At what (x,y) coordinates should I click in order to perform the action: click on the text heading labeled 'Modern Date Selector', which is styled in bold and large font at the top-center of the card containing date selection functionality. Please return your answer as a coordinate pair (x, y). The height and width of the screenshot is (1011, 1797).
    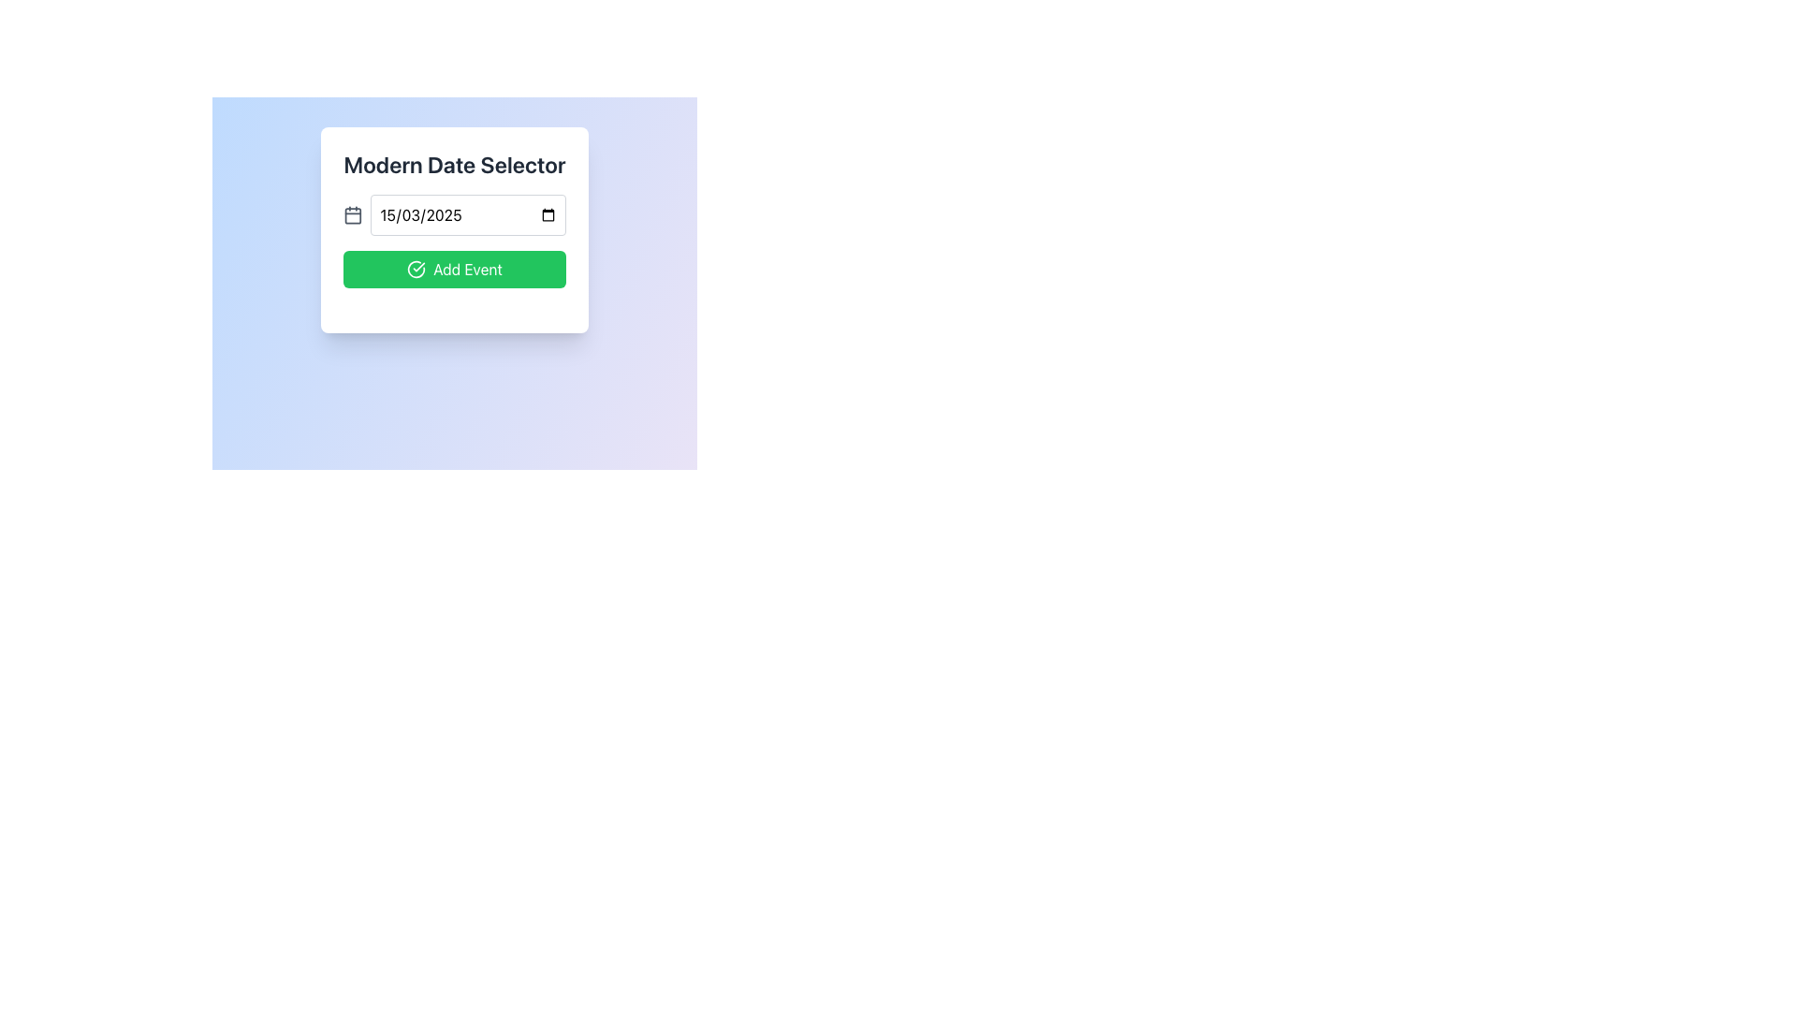
    Looking at the image, I should click on (454, 164).